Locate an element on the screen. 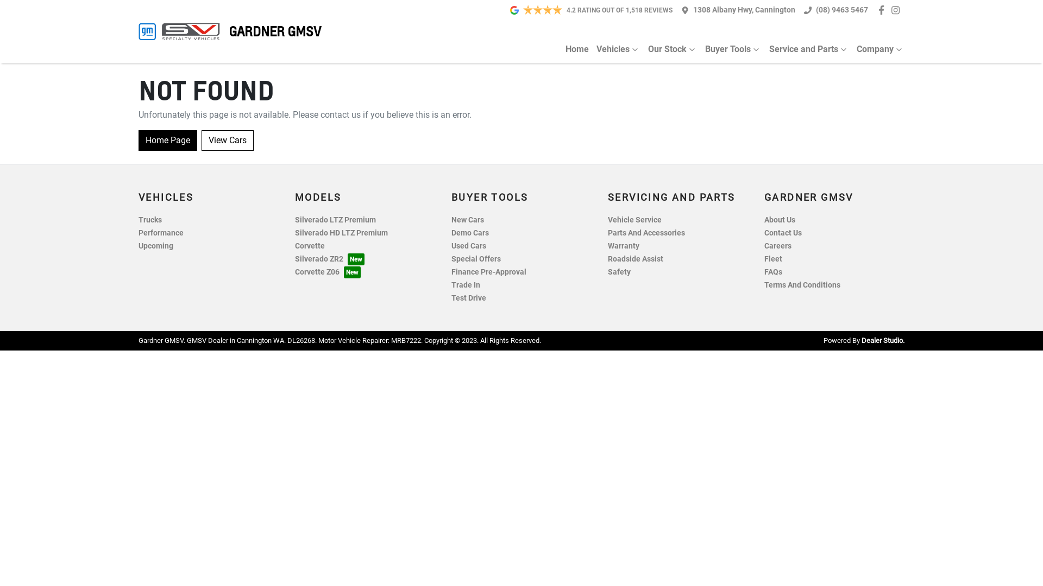 The width and height of the screenshot is (1043, 586). 'Silverado HD LTZ Premium' is located at coordinates (341, 232).